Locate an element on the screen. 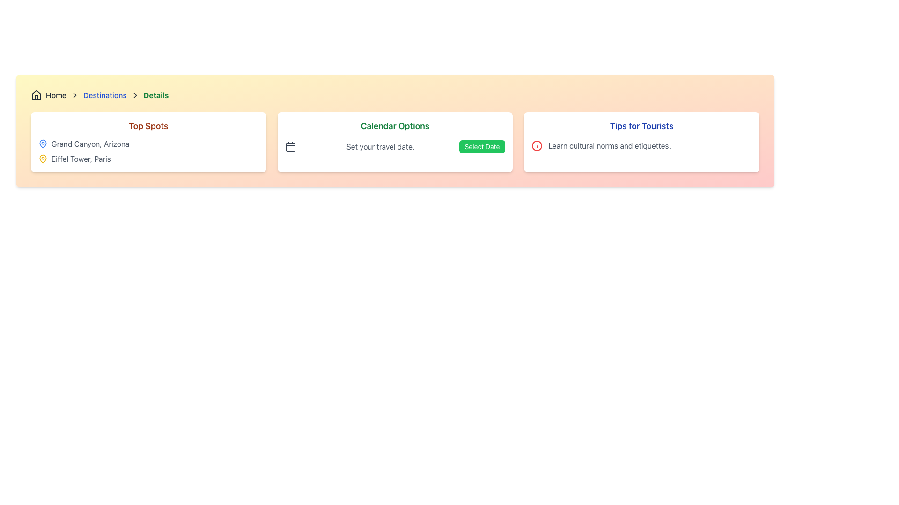 This screenshot has height=505, width=899. the third SVG icon in the breadcrumb navigation, located between 'Destinations' and 'Details', to visually separate items without triggering any interaction is located at coordinates (134, 95).